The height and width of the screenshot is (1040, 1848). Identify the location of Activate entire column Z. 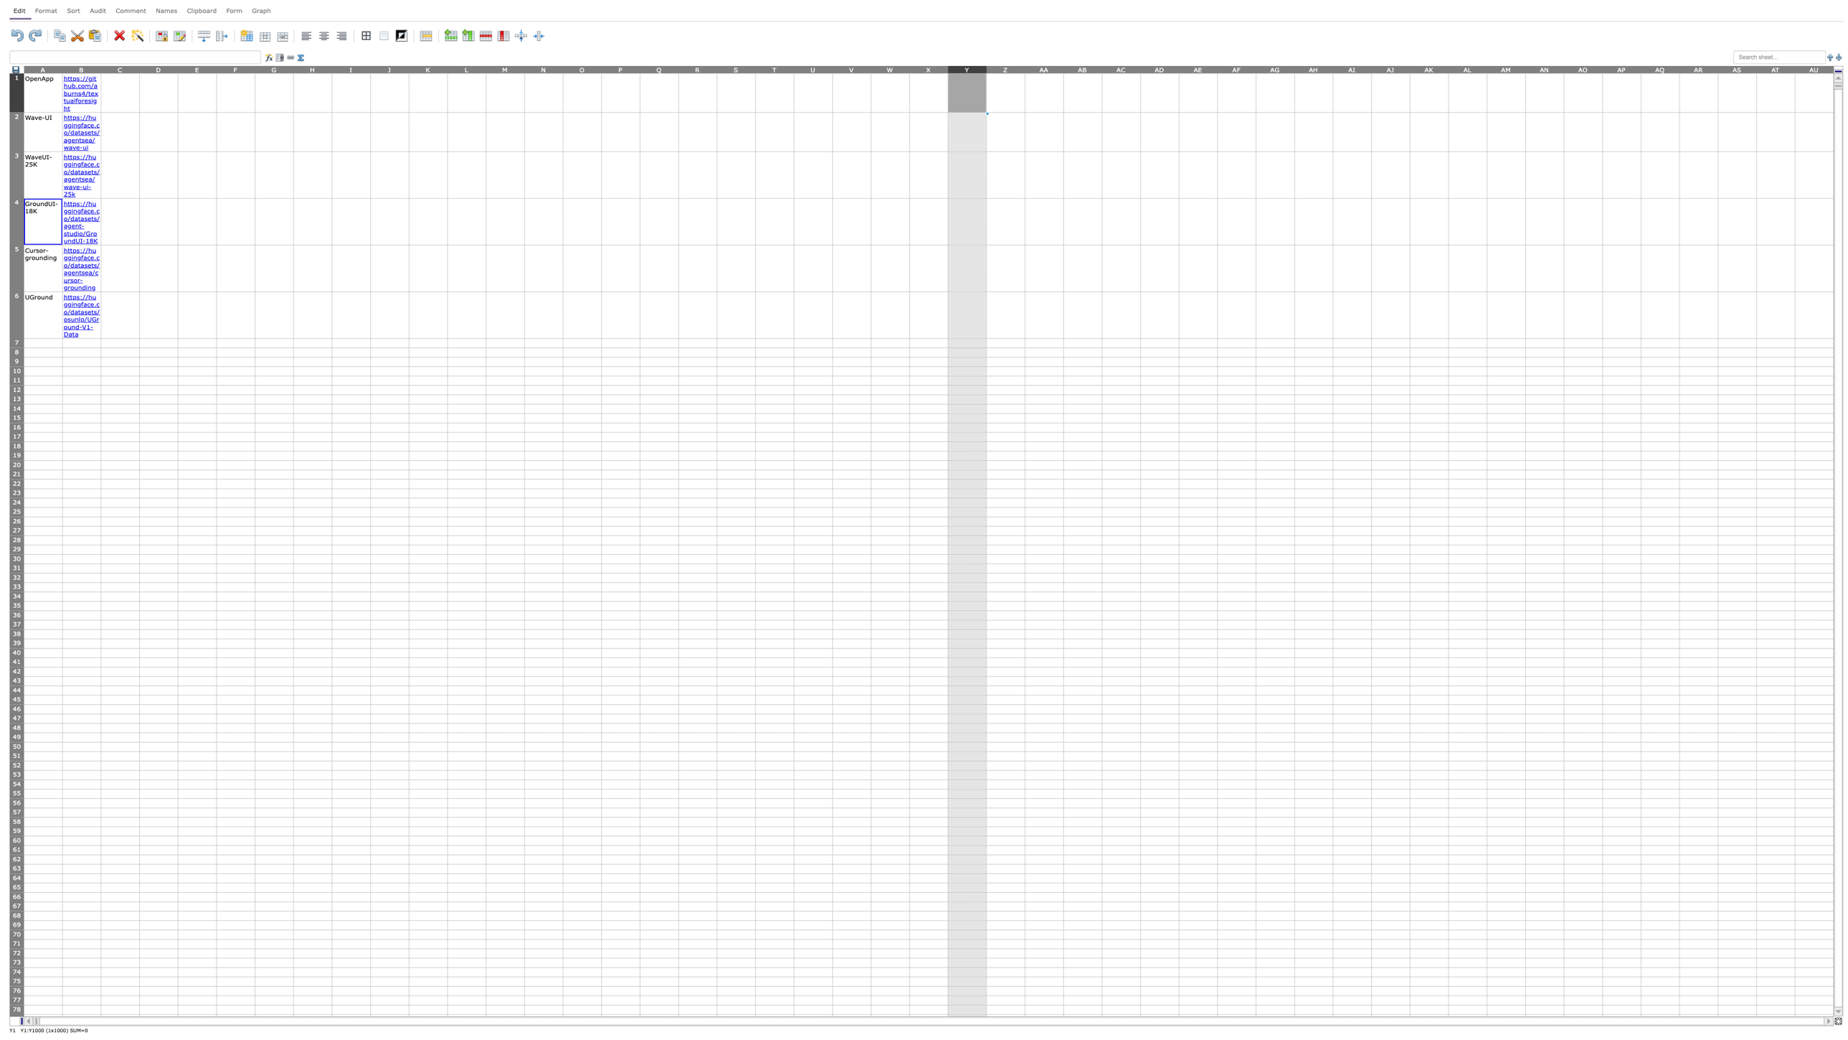
(1005, 68).